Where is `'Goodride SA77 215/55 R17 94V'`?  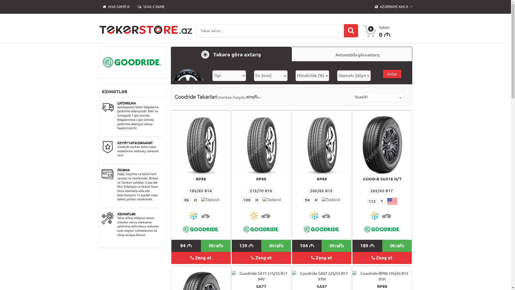 'Goodride SA77 215/55 R17 94V' is located at coordinates (232, 274).